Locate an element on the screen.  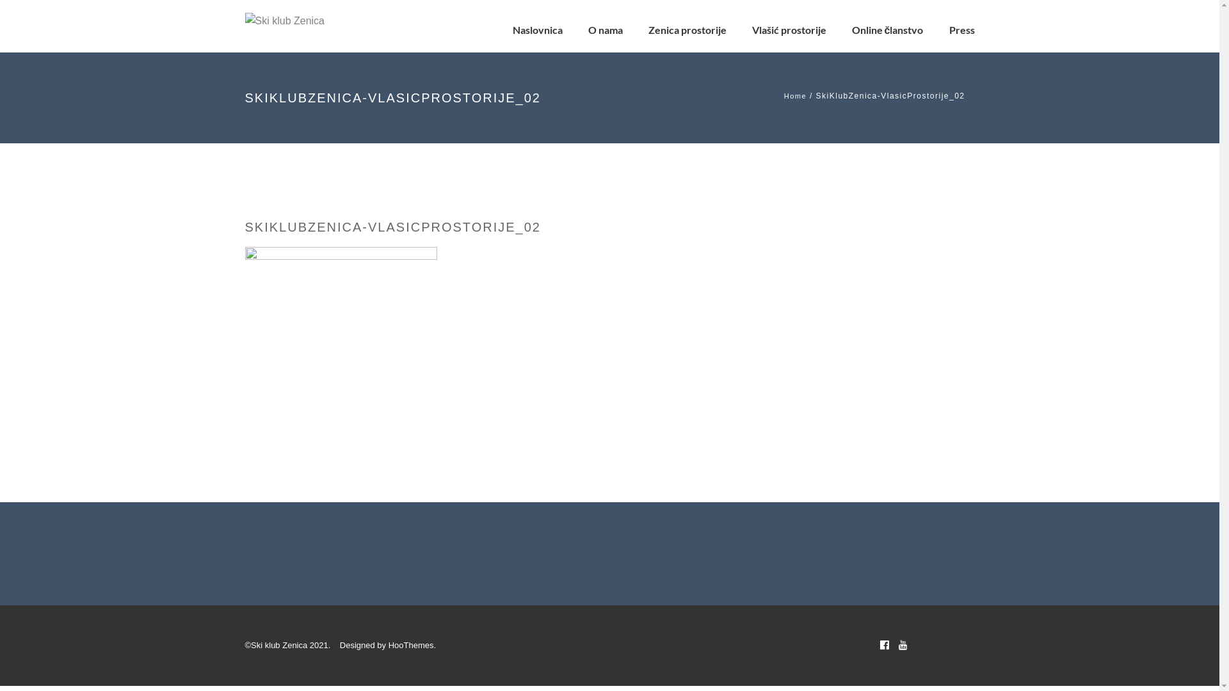
'HooThemes' is located at coordinates (411, 645).